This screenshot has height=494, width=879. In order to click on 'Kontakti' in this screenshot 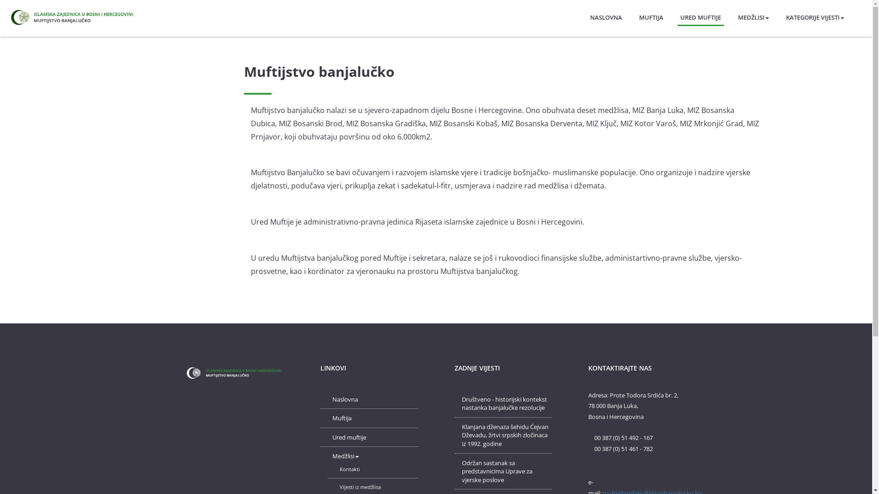, I will do `click(349, 469)`.